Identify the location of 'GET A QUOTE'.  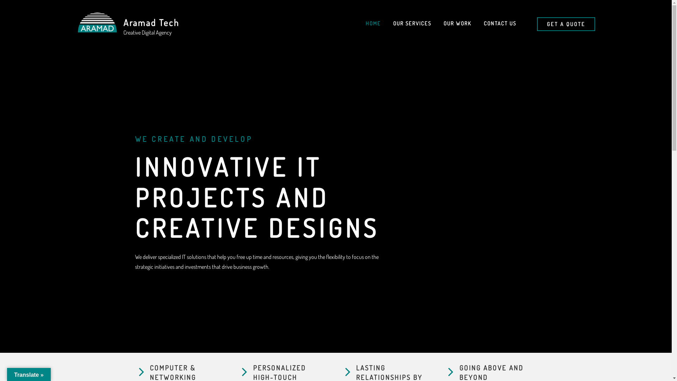
(536, 24).